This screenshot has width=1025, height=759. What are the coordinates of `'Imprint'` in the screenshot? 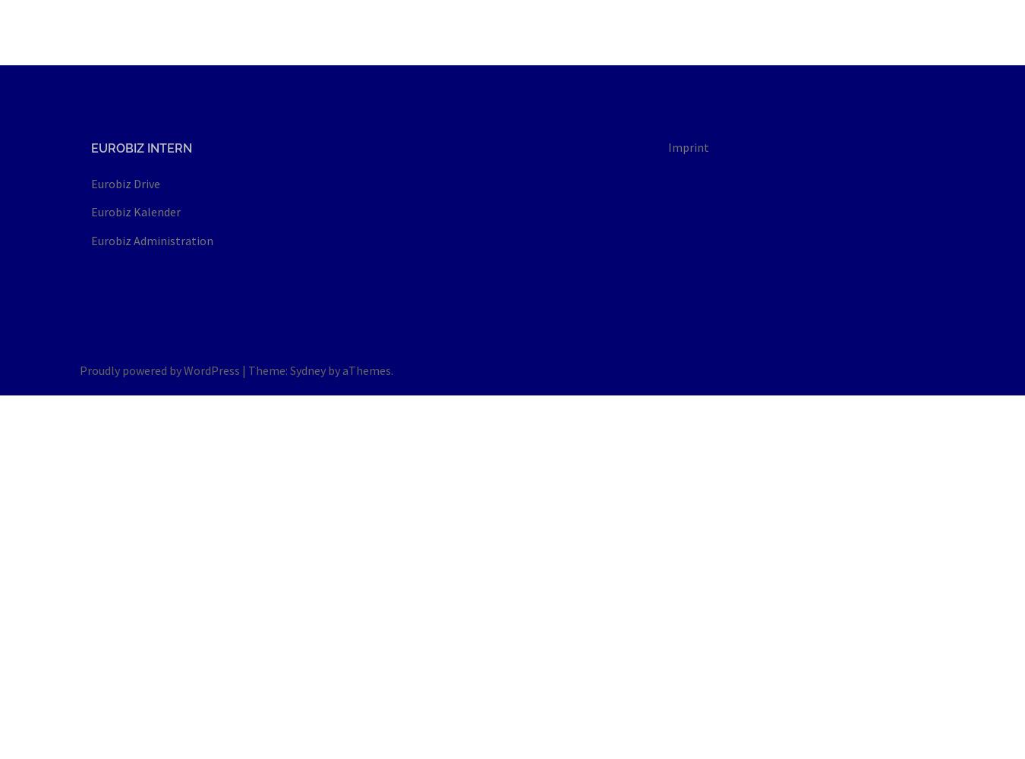 It's located at (688, 146).